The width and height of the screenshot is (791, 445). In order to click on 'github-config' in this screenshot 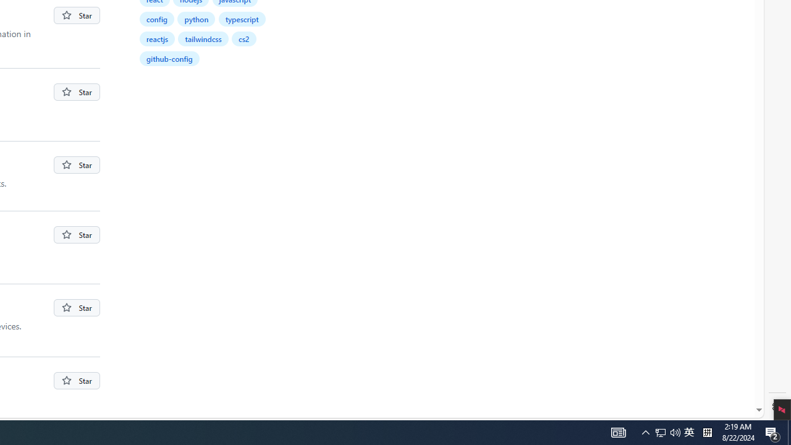, I will do `click(169, 59)`.